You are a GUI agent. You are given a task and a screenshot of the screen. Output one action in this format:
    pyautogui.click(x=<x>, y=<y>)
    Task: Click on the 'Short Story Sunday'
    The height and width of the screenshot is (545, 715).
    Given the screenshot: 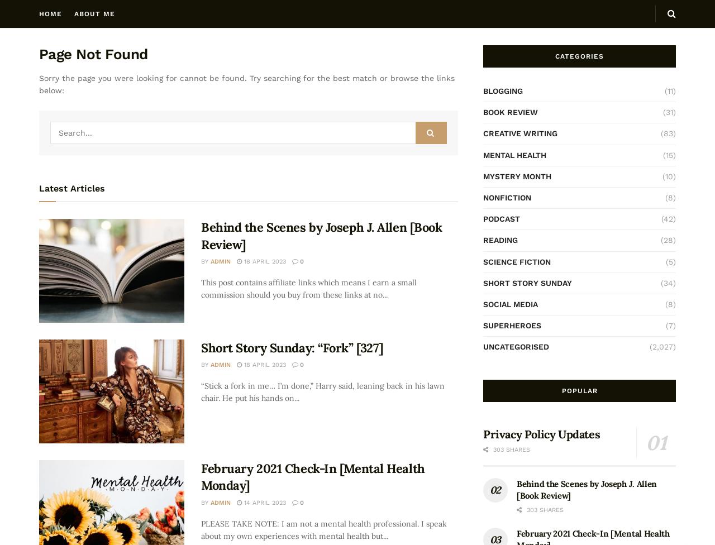 What is the action you would take?
    pyautogui.click(x=483, y=282)
    